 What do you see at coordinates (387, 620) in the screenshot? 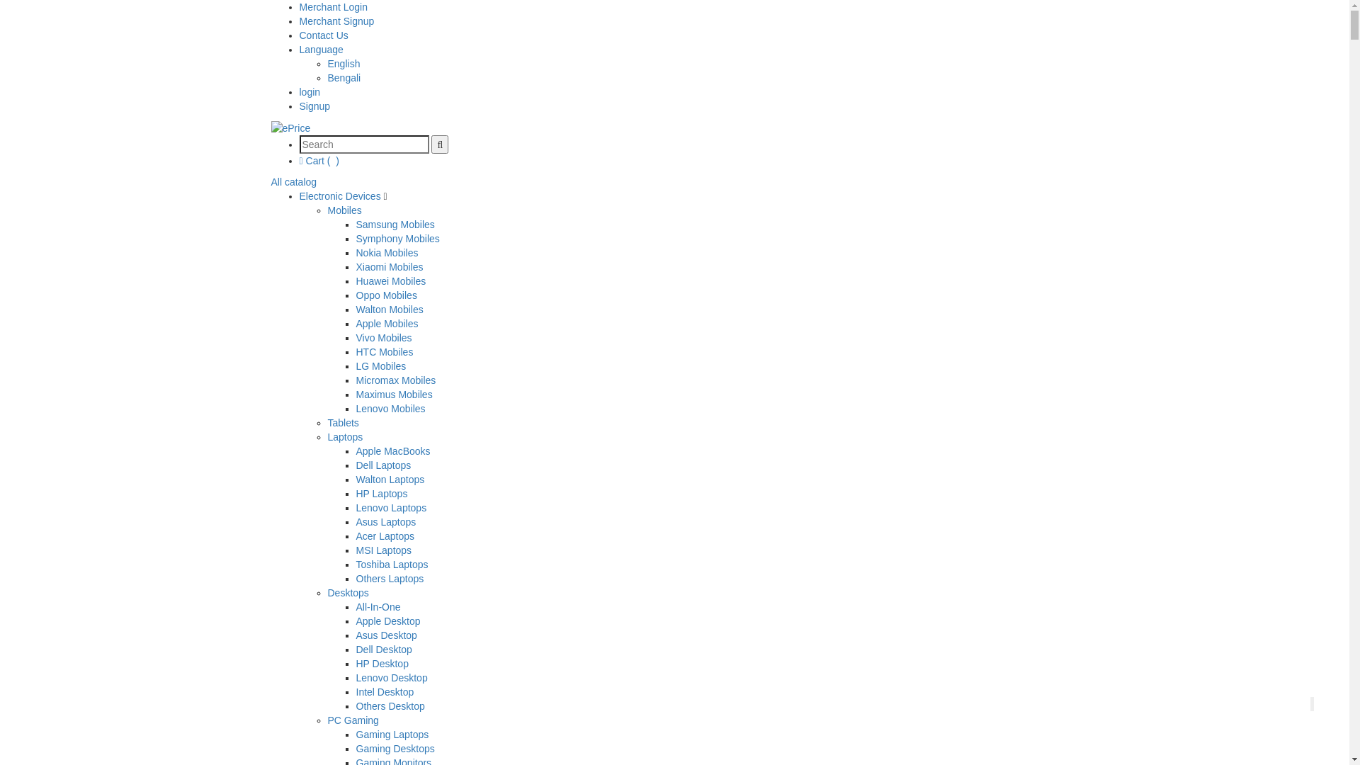
I see `'Apple Desktop'` at bounding box center [387, 620].